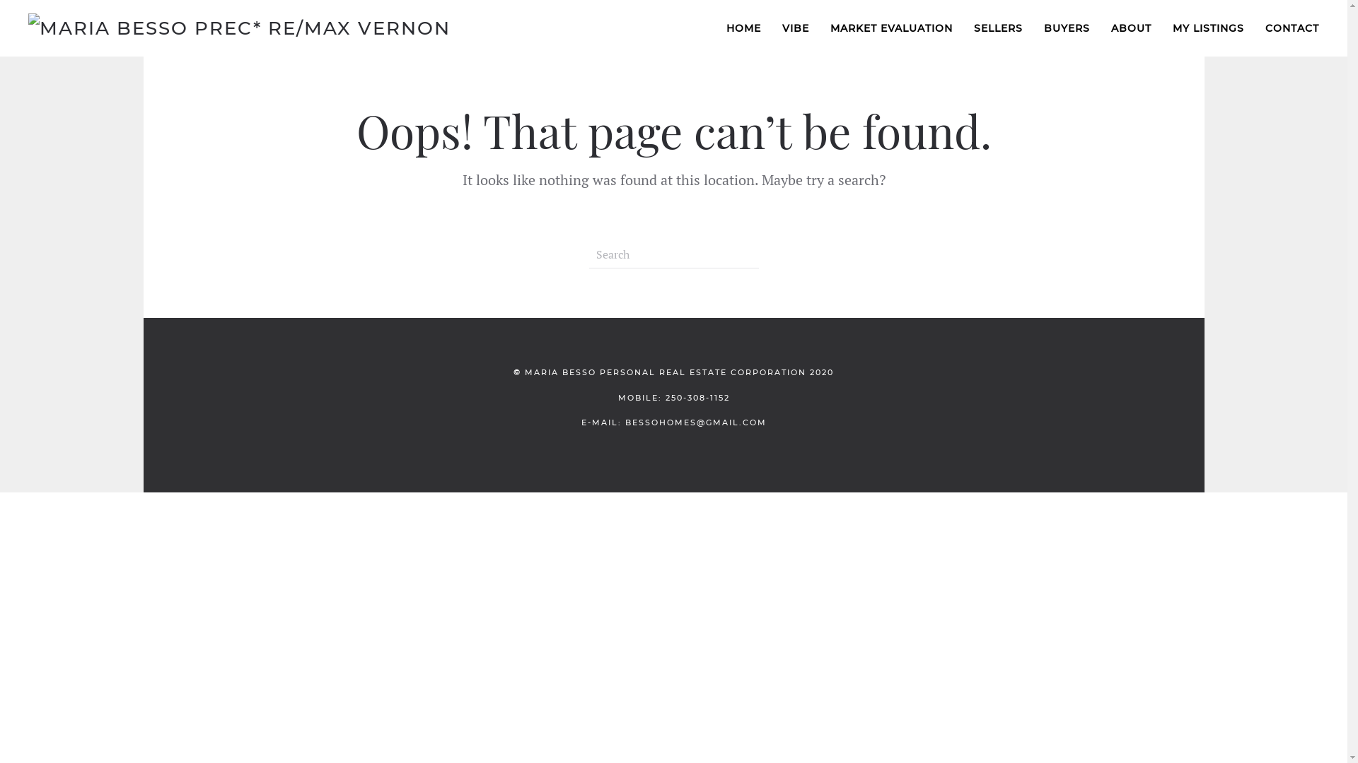 This screenshot has width=1358, height=763. Describe the element at coordinates (795, 28) in the screenshot. I see `'VIBE'` at that location.